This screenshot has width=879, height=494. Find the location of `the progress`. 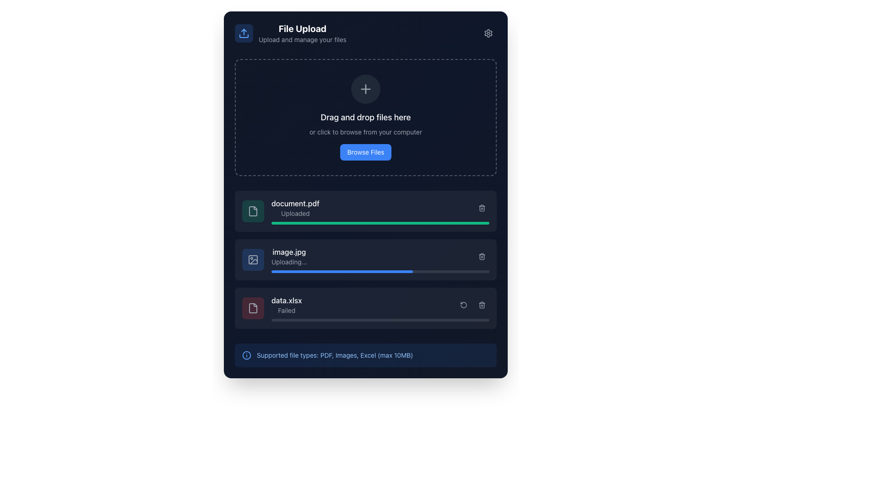

the progress is located at coordinates (345, 319).